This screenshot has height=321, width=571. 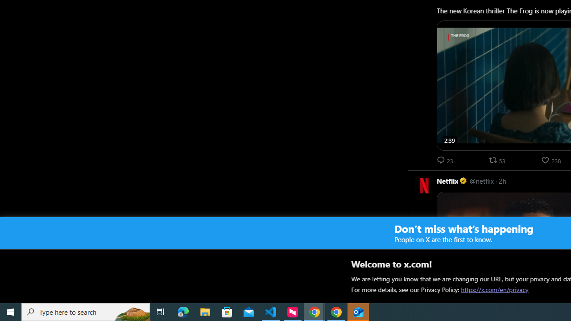 What do you see at coordinates (463, 181) in the screenshot?
I see `'Verified account'` at bounding box center [463, 181].